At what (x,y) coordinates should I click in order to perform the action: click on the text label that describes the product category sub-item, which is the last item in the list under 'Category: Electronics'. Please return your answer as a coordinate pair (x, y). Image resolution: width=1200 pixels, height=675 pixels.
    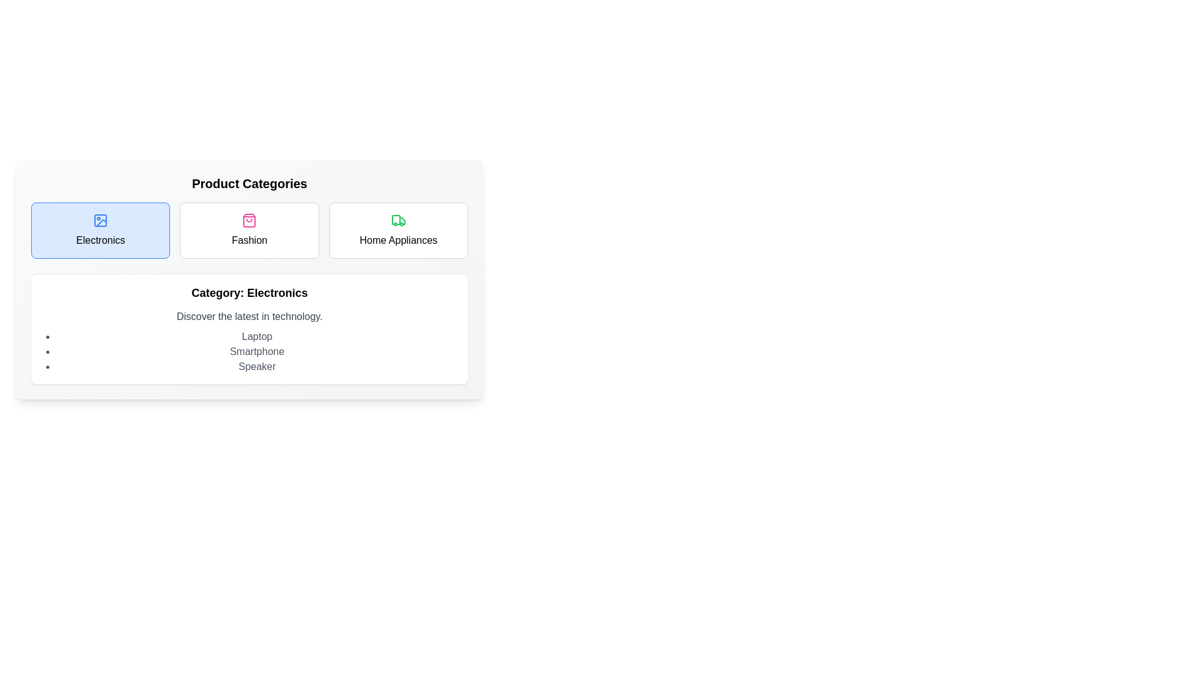
    Looking at the image, I should click on (256, 366).